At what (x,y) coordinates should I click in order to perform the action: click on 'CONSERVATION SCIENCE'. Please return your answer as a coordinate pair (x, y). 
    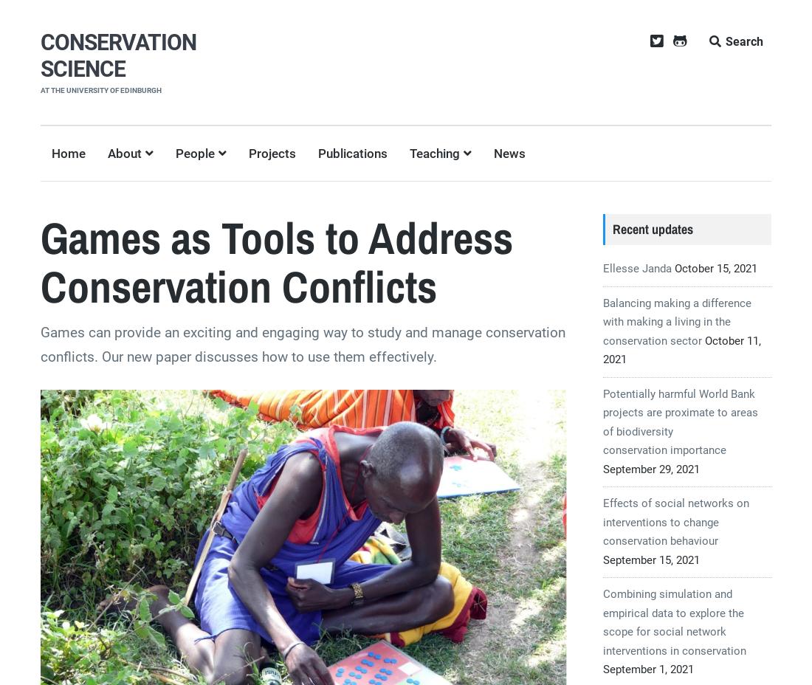
    Looking at the image, I should click on (40, 54).